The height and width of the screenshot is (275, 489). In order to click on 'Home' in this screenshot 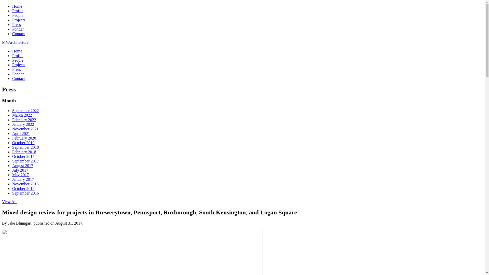, I will do `click(17, 51)`.